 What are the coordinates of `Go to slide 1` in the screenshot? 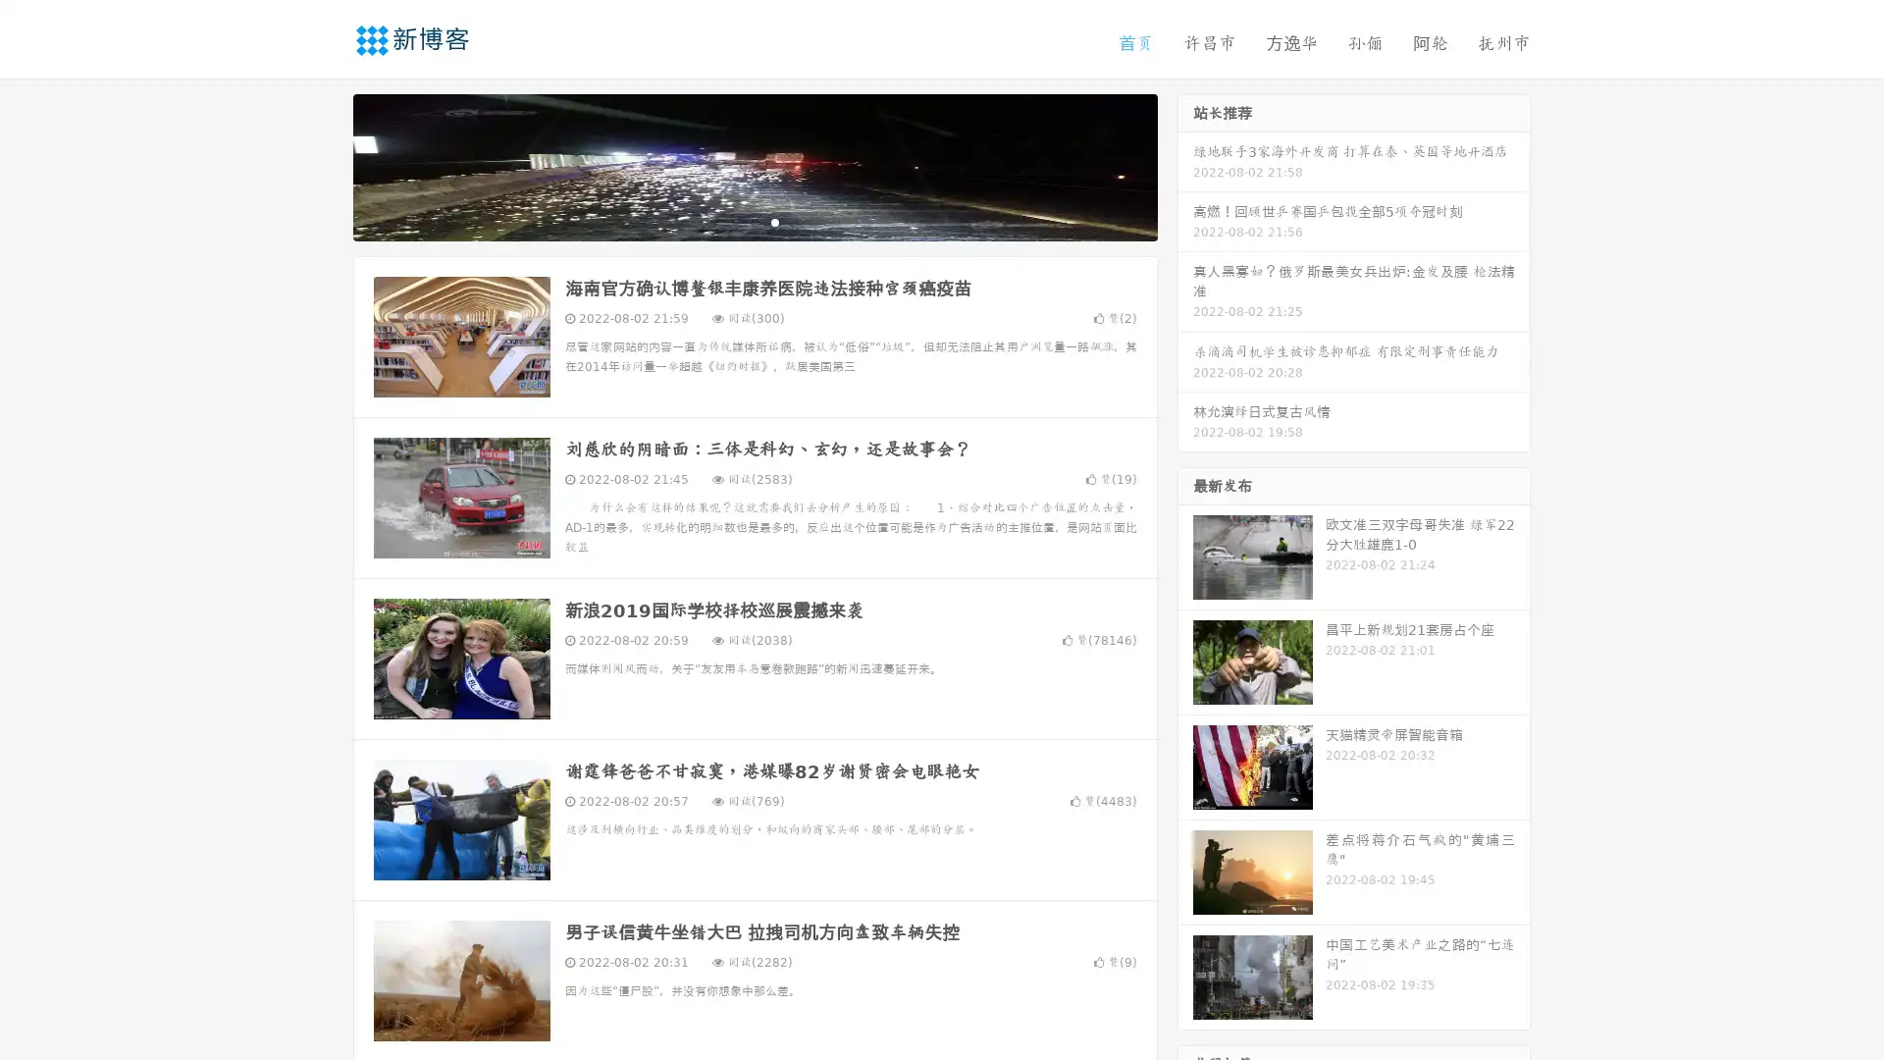 It's located at (734, 221).